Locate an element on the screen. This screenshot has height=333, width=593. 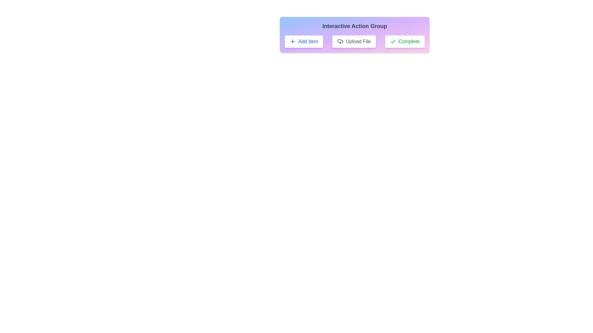
the green checkmark icon next to the word 'Complete' within the 'Complete' button located in the top-right section of the interface is located at coordinates (393, 42).